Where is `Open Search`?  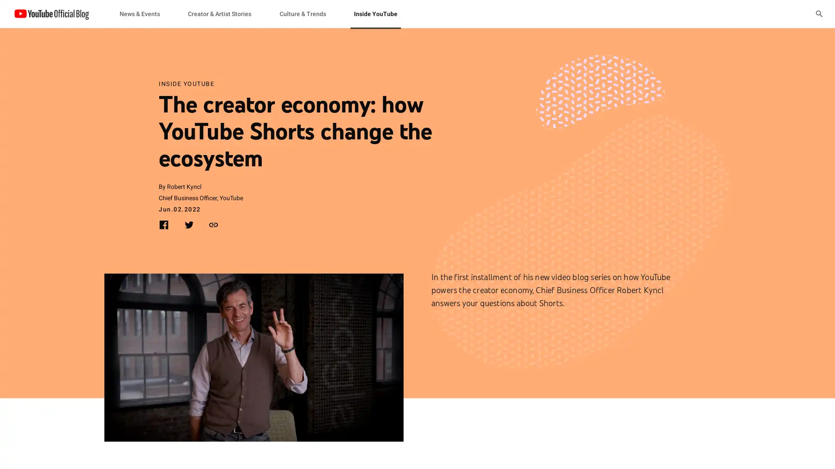 Open Search is located at coordinates (818, 13).